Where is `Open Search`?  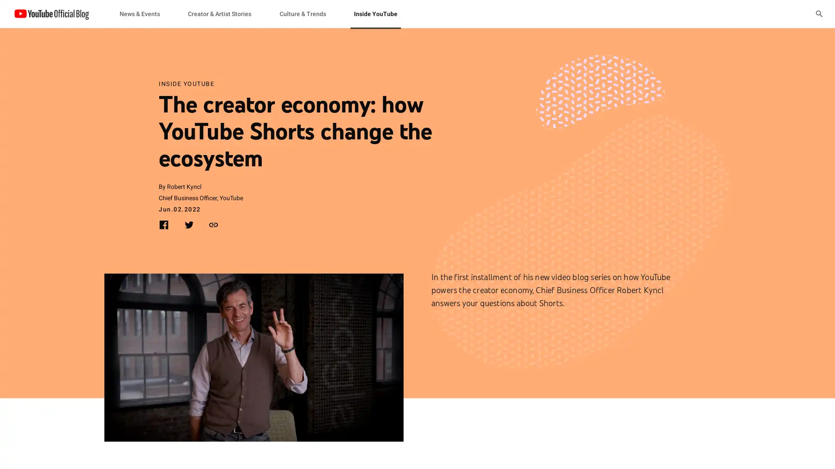 Open Search is located at coordinates (818, 13).